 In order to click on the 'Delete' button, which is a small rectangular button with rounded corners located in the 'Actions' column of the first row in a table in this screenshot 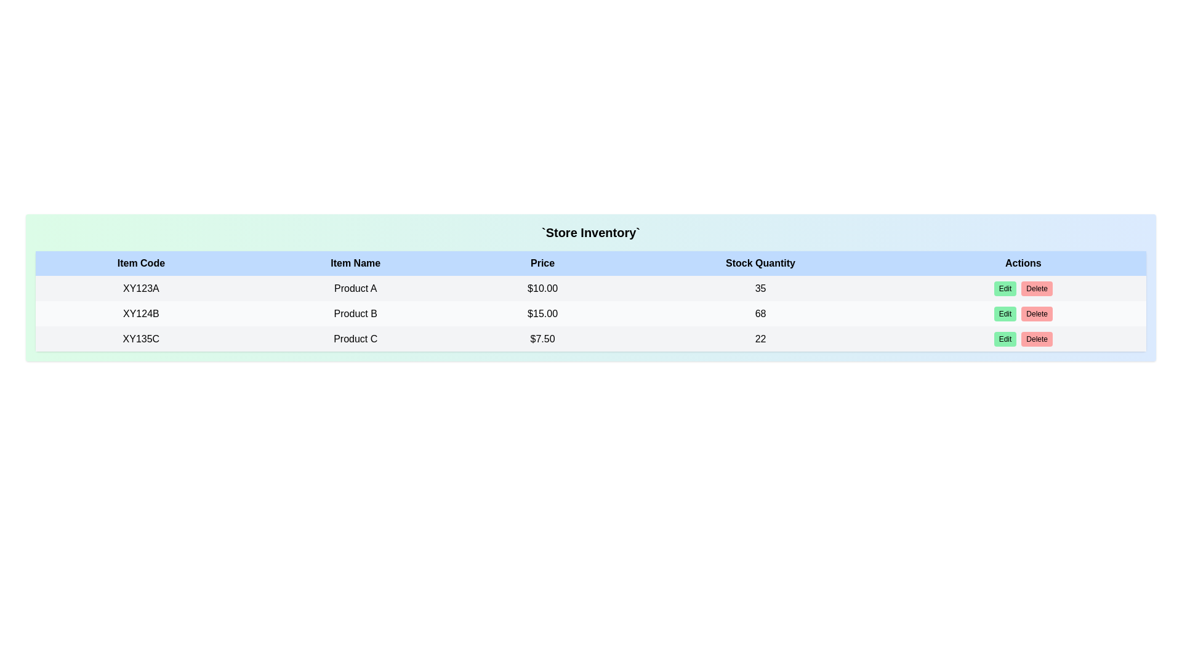, I will do `click(1036, 289)`.